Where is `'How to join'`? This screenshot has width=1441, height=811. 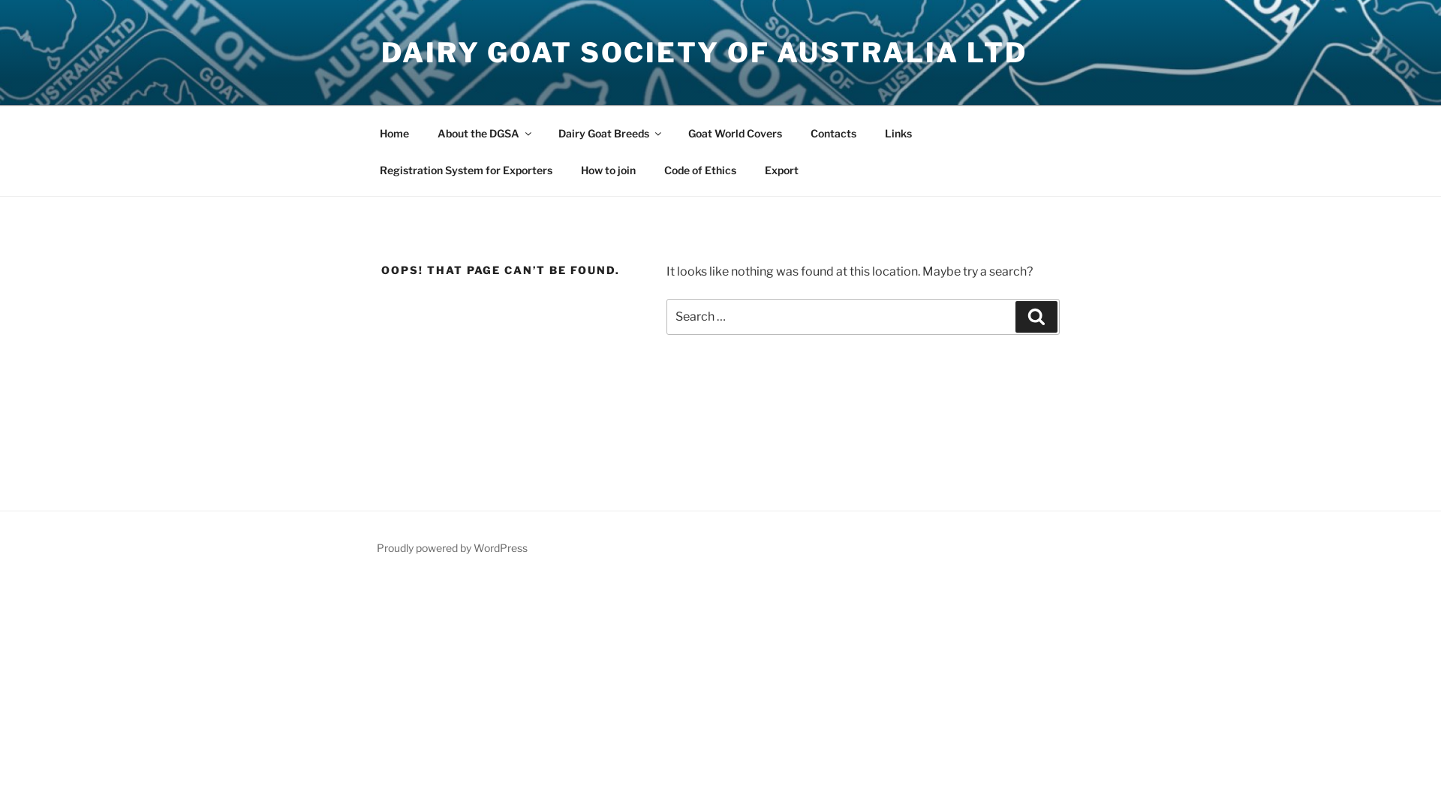 'How to join' is located at coordinates (608, 169).